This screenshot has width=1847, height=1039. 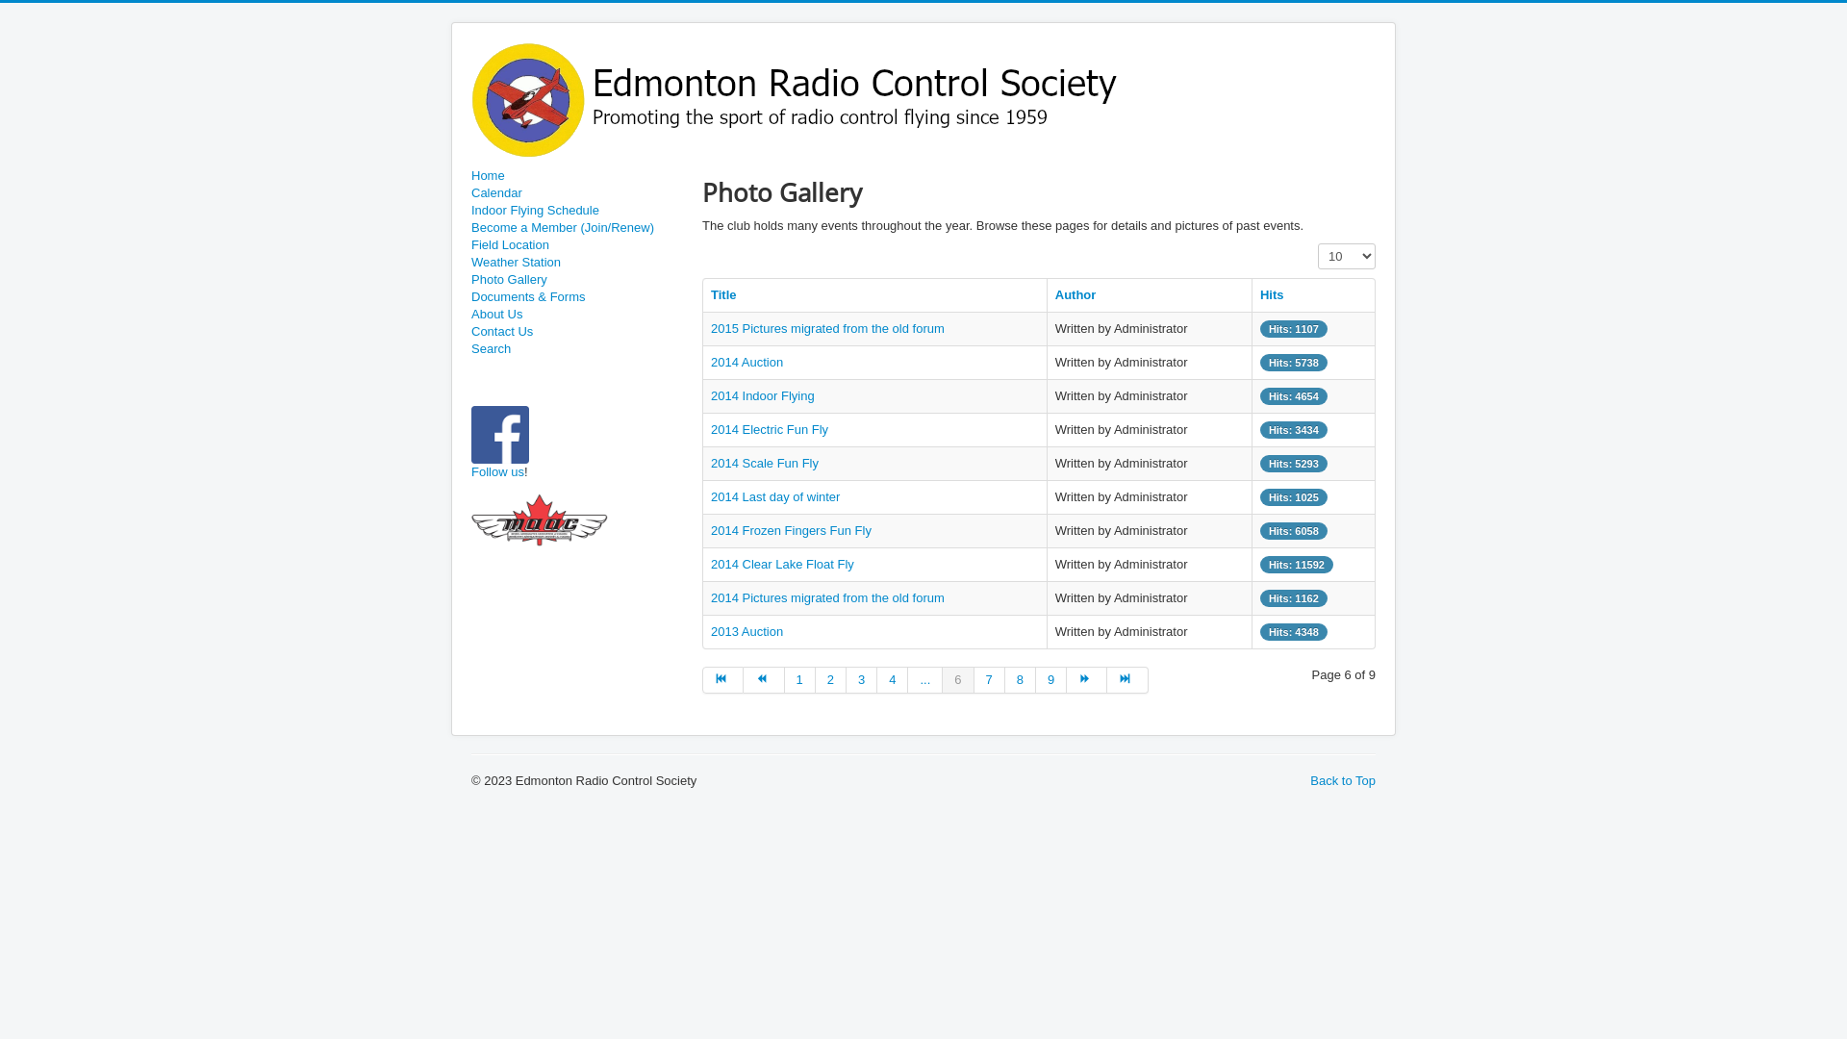 What do you see at coordinates (576, 279) in the screenshot?
I see `'Photo Gallery'` at bounding box center [576, 279].